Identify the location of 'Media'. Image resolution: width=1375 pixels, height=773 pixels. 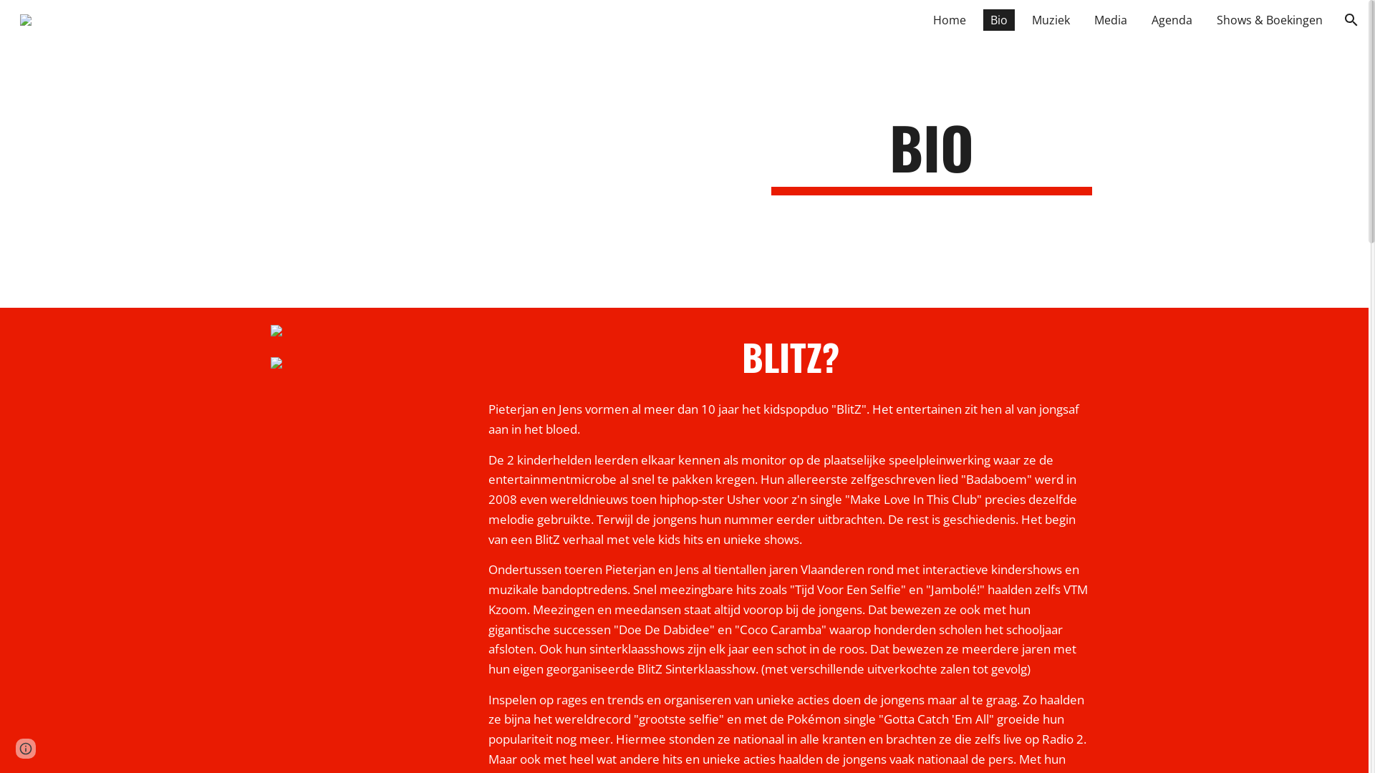
(1109, 19).